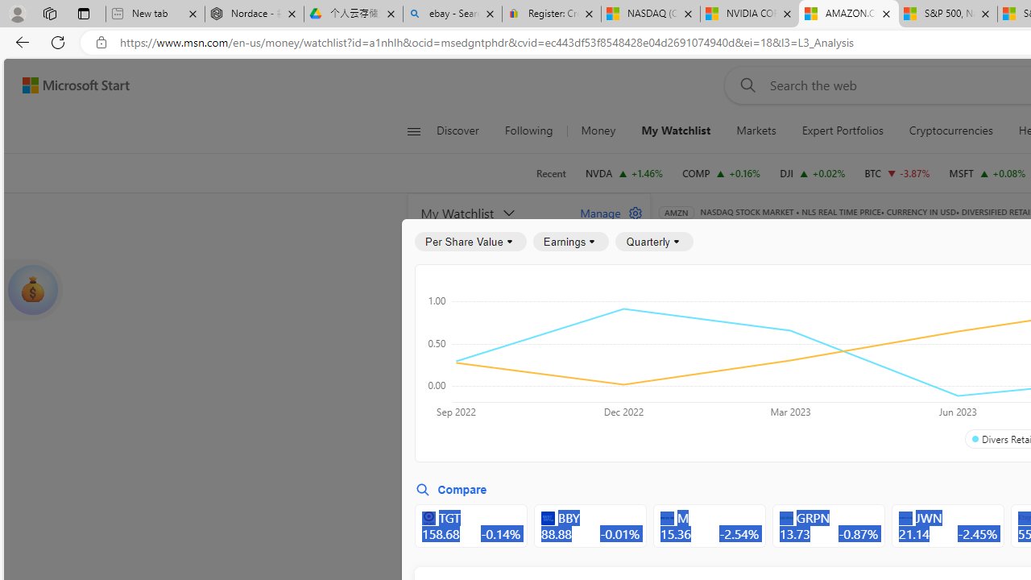 This screenshot has height=580, width=1031. What do you see at coordinates (755, 130) in the screenshot?
I see `'Markets'` at bounding box center [755, 130].